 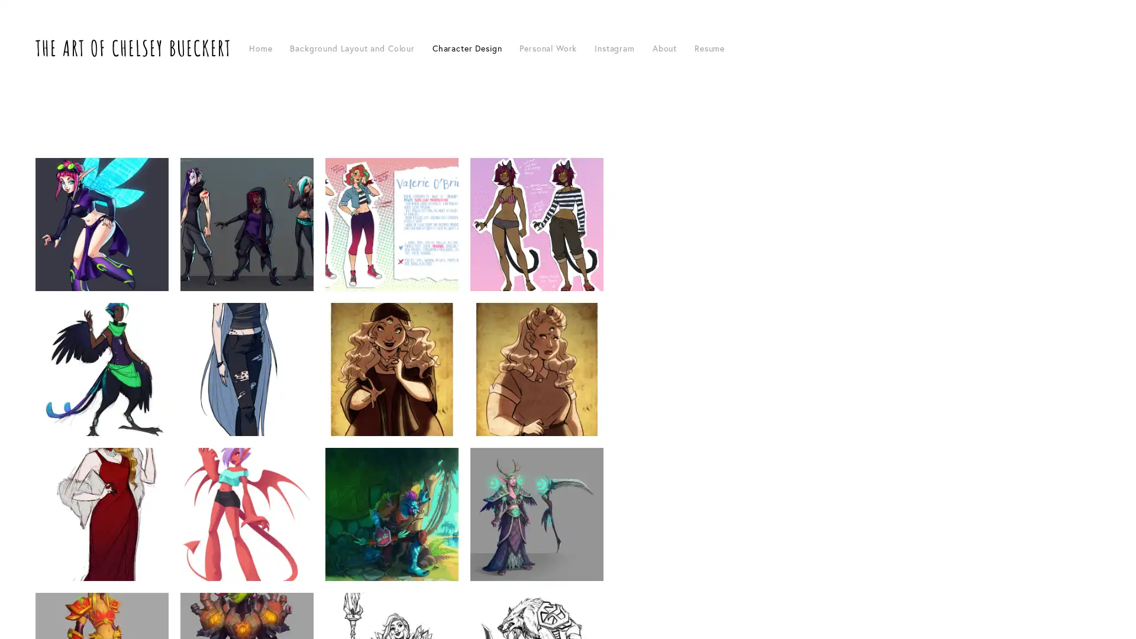 I want to click on View fullsize pastel goth demon chick.png, so click(x=246, y=514).